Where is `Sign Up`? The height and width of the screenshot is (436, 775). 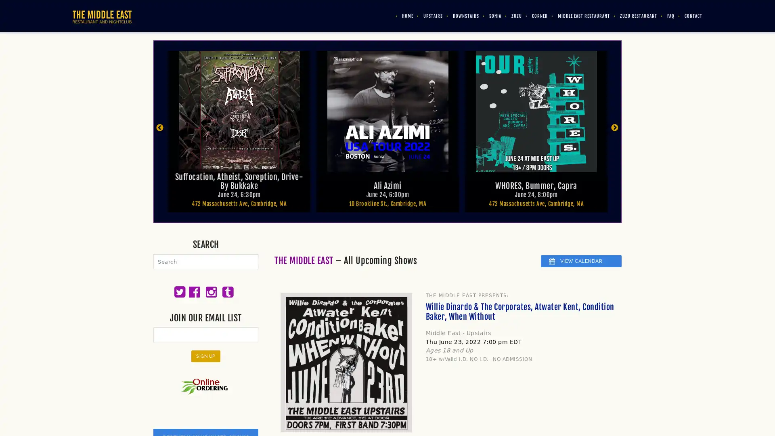
Sign Up is located at coordinates (205, 356).